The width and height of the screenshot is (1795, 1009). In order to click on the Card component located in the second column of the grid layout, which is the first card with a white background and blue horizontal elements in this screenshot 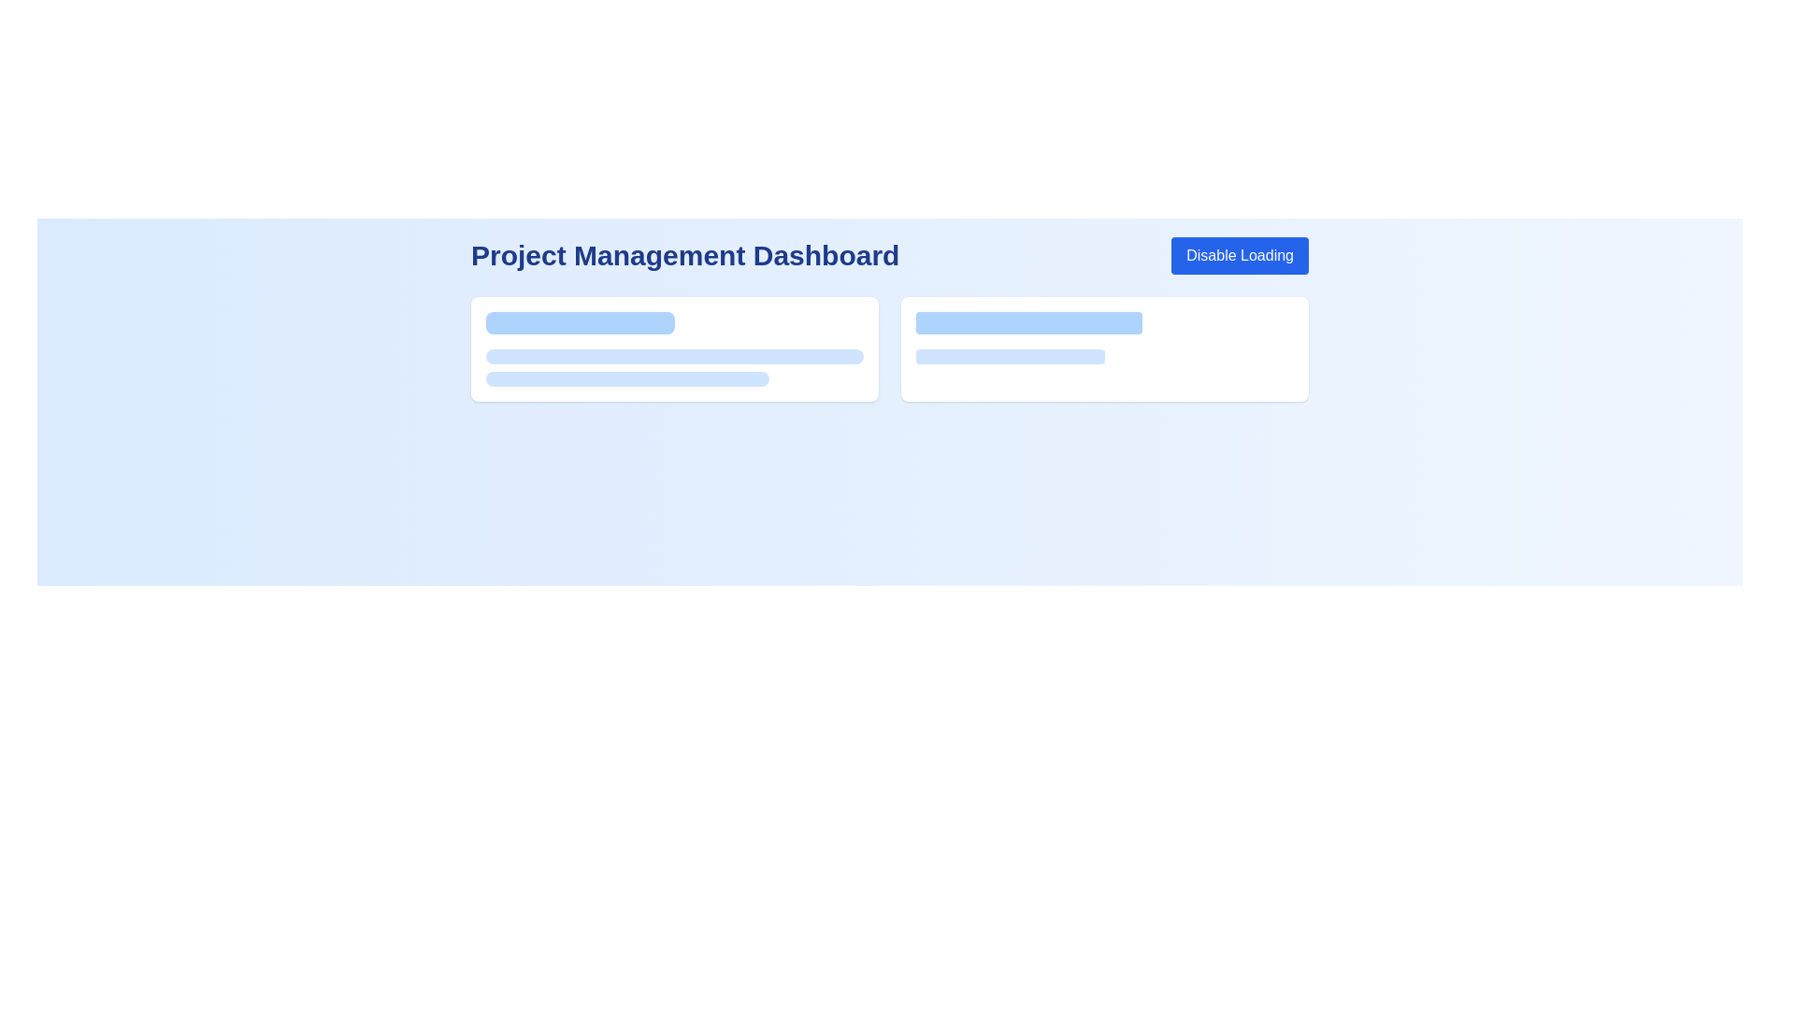, I will do `click(1104, 349)`.